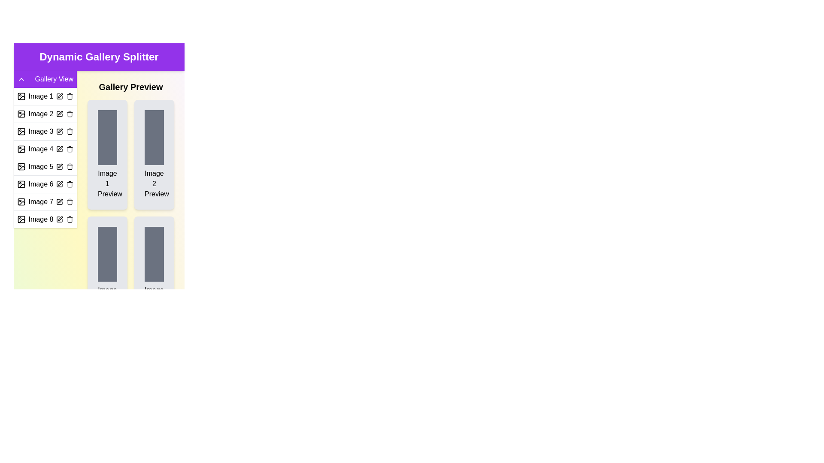 The image size is (824, 463). Describe the element at coordinates (60, 96) in the screenshot. I see `the edit pen icon associated with 'Image 1' in the 'Gallery View'` at that location.